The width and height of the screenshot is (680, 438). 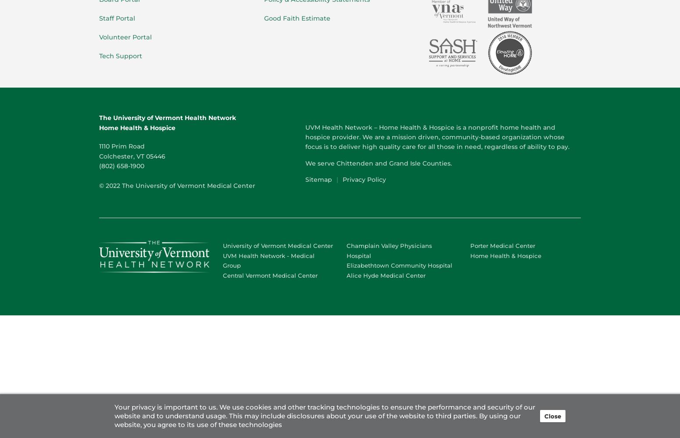 I want to click on 'Close', so click(x=552, y=416).